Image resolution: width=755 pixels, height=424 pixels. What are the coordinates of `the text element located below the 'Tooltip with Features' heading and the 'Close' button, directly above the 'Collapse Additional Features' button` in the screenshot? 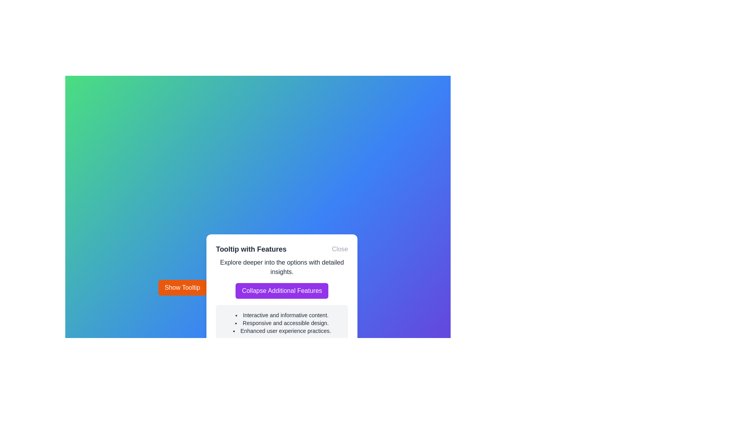 It's located at (282, 267).